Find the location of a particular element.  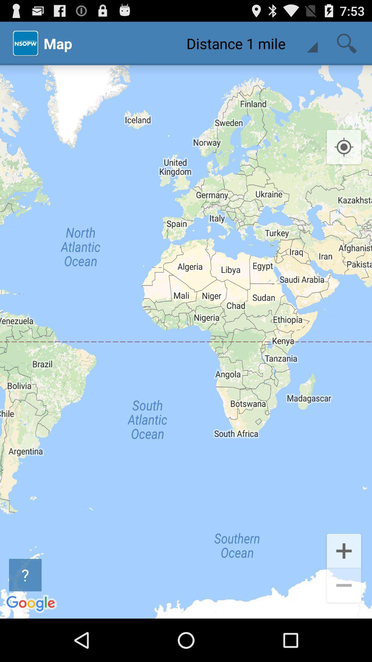

the minus icon is located at coordinates (344, 628).